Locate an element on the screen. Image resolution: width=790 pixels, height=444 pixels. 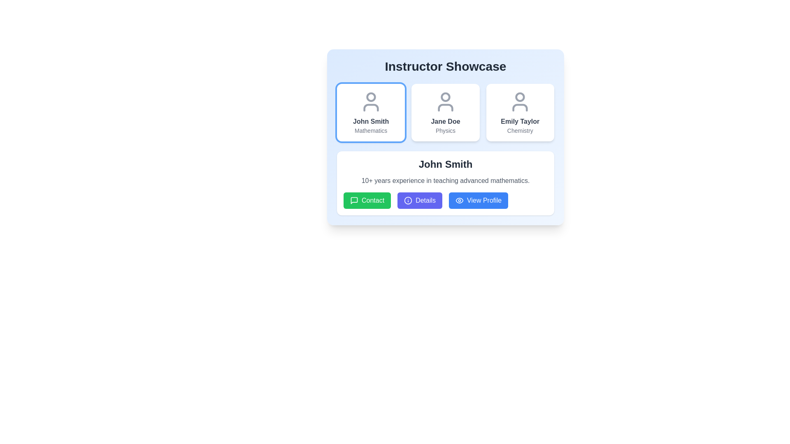
the third button located below the 'John Smith' text is located at coordinates (479, 201).